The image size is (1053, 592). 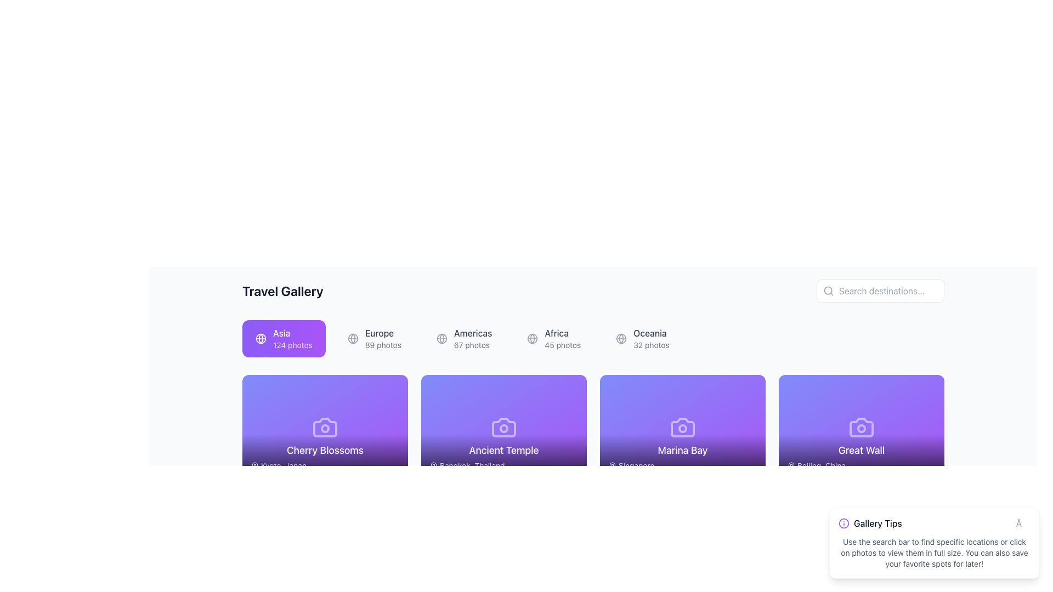 I want to click on the search icon located in the top-right corner, to the left of the 'Search destinations...' text input field, indicating the search functionality, so click(x=829, y=291).